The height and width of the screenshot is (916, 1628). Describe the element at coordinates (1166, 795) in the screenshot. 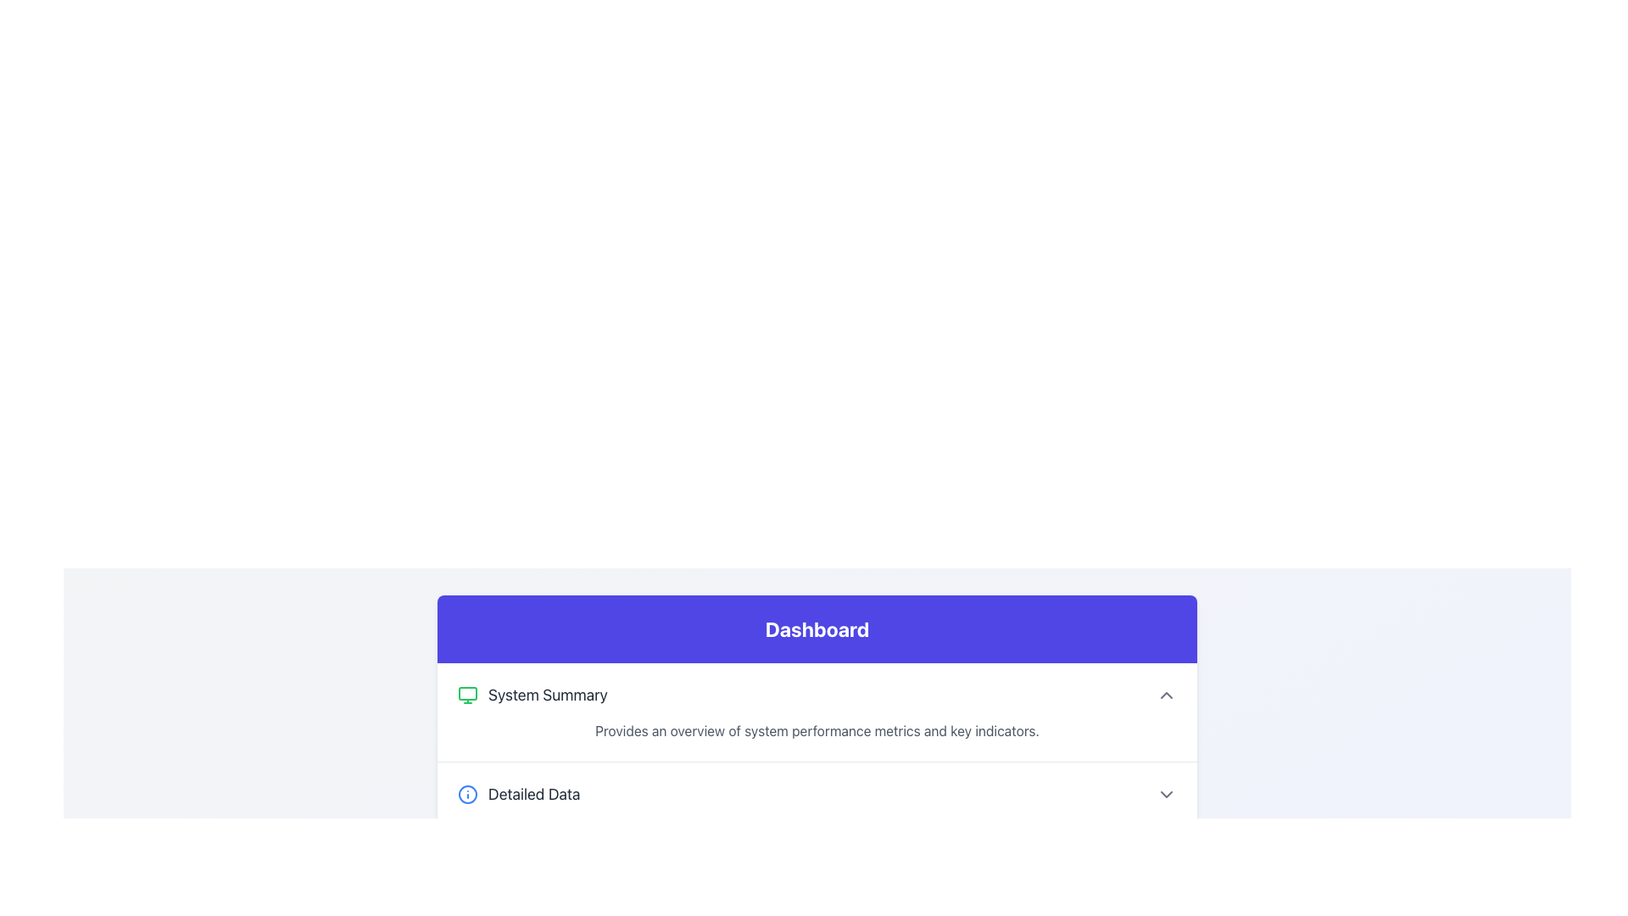

I see `the chevron icon located in the 'Detailed Data' section on the far right` at that location.